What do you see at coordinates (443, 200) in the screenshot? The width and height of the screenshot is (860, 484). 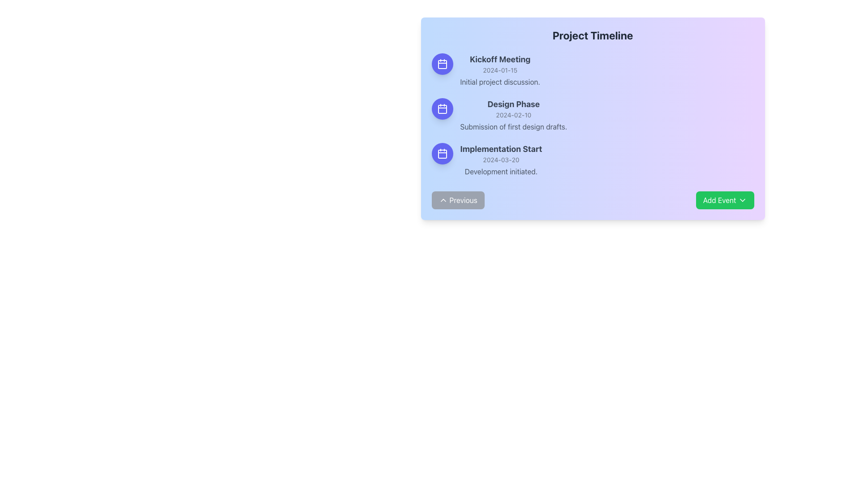 I see `the 'Previous' button located in the lower-left corner of the 'Project Timeline' card` at bounding box center [443, 200].